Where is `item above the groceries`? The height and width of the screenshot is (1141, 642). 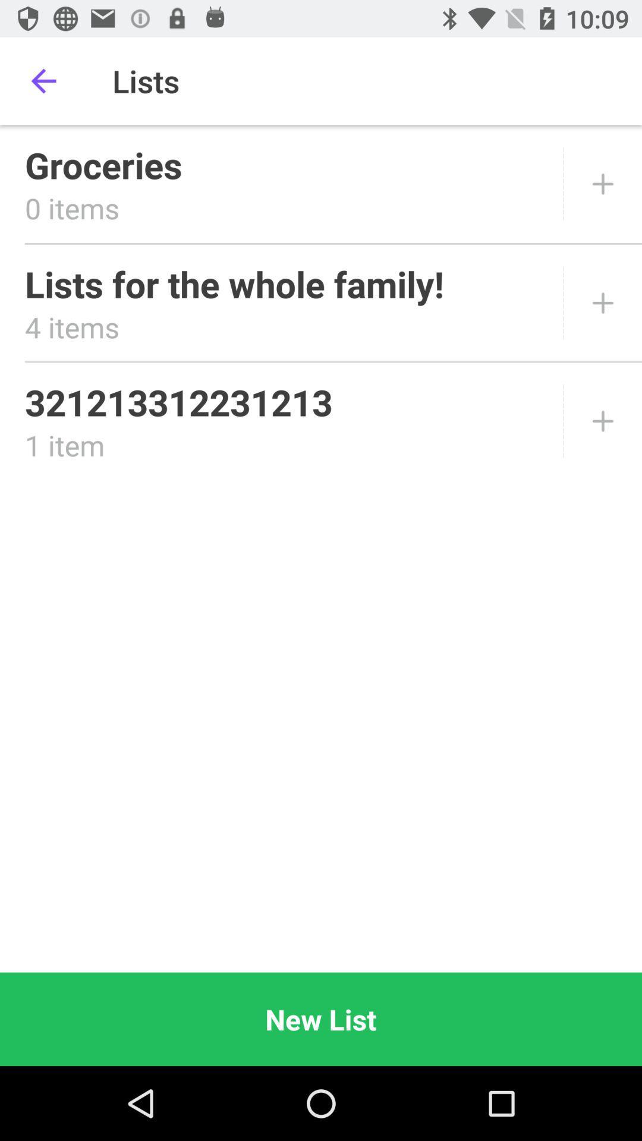 item above the groceries is located at coordinates (43, 80).